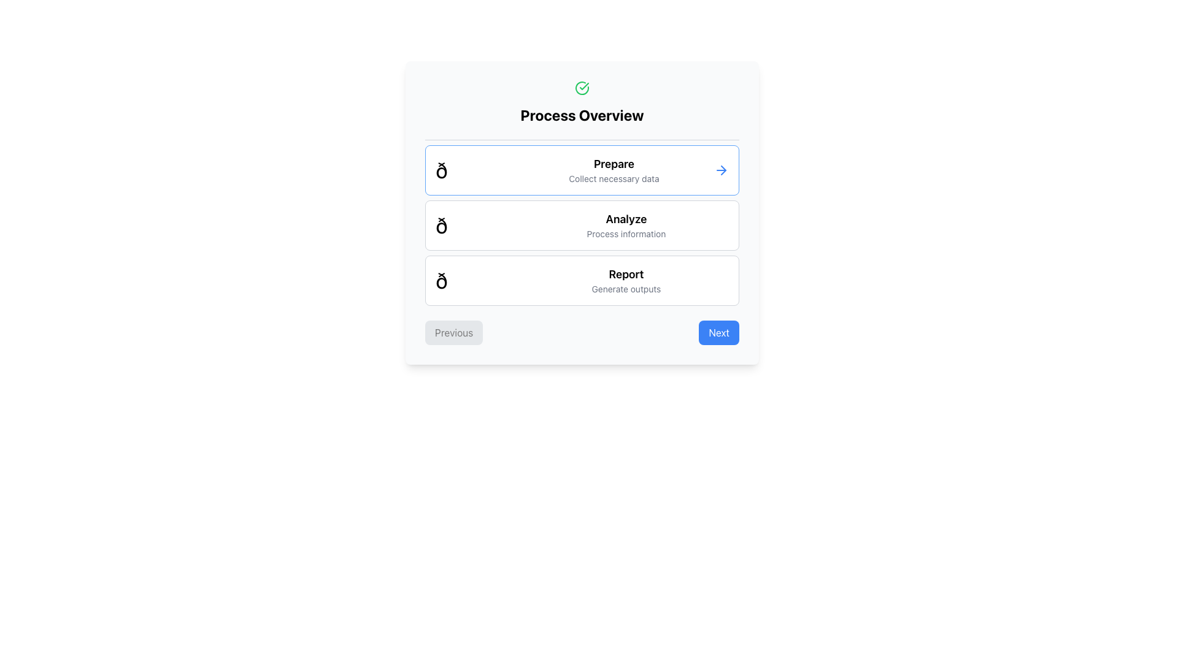 Image resolution: width=1178 pixels, height=662 pixels. Describe the element at coordinates (582, 281) in the screenshot. I see `the 'Report' stage informational card, which displays 'Generate outputs' and is the third card in a vertical column of three cards` at that location.